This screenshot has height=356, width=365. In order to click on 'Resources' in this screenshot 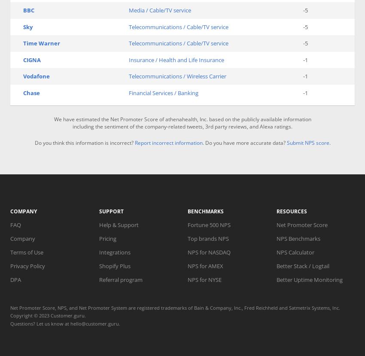, I will do `click(276, 211)`.